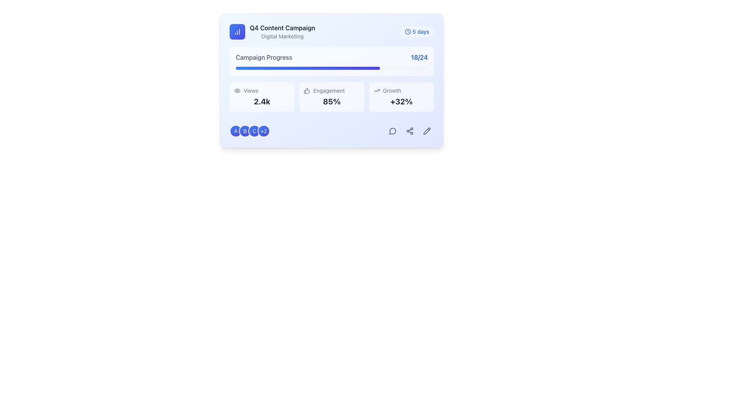 Image resolution: width=746 pixels, height=419 pixels. Describe the element at coordinates (393, 131) in the screenshot. I see `the circular speech bubble icon with a hollow center located at the bottom-right corner of the card` at that location.